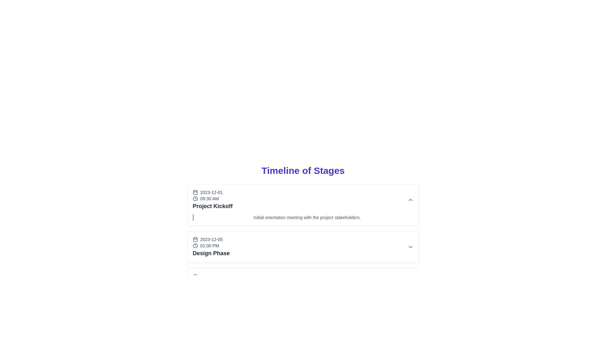 The height and width of the screenshot is (339, 604). What do you see at coordinates (213, 206) in the screenshot?
I see `text label displaying 'Project Kickoff' located at the bottom-most position of the timeline entry` at bounding box center [213, 206].